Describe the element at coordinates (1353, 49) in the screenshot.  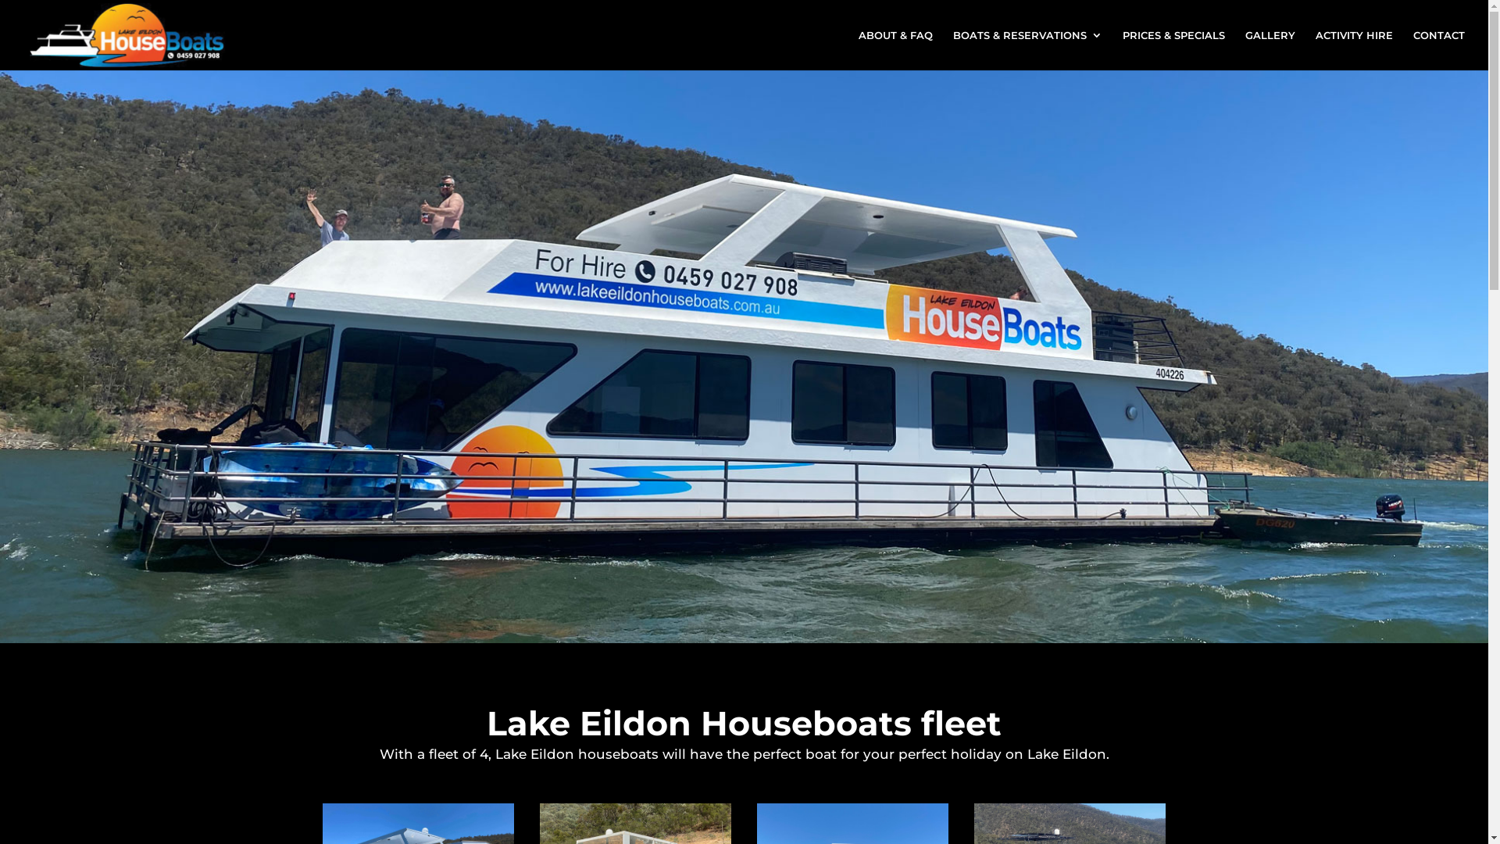
I see `'ACTIVITY HIRE'` at that location.